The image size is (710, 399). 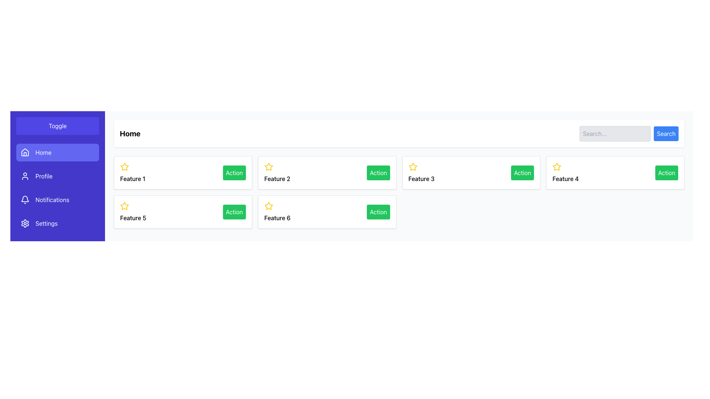 What do you see at coordinates (522, 173) in the screenshot?
I see `the green button with white text labeled 'Action' located in the top-right corner of the 'Feature 3' card` at bounding box center [522, 173].